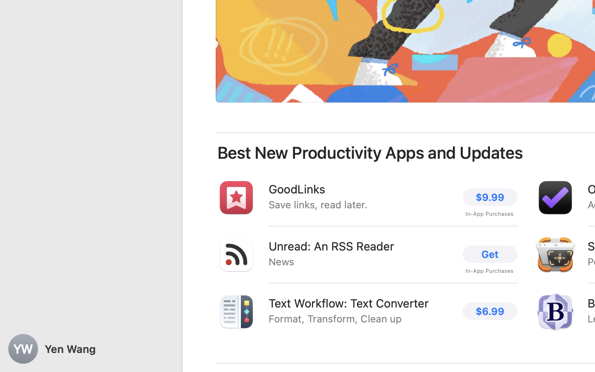  I want to click on 'Yen Wang', so click(91, 349).